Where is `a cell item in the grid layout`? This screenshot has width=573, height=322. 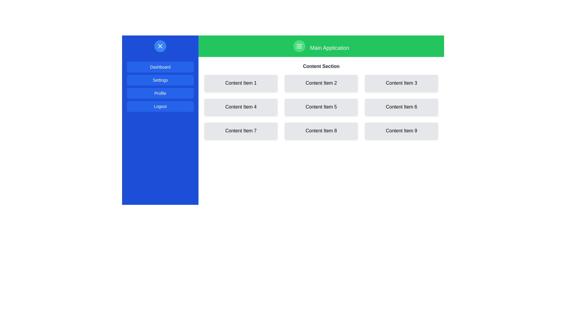
a cell item in the grid layout is located at coordinates (321, 106).